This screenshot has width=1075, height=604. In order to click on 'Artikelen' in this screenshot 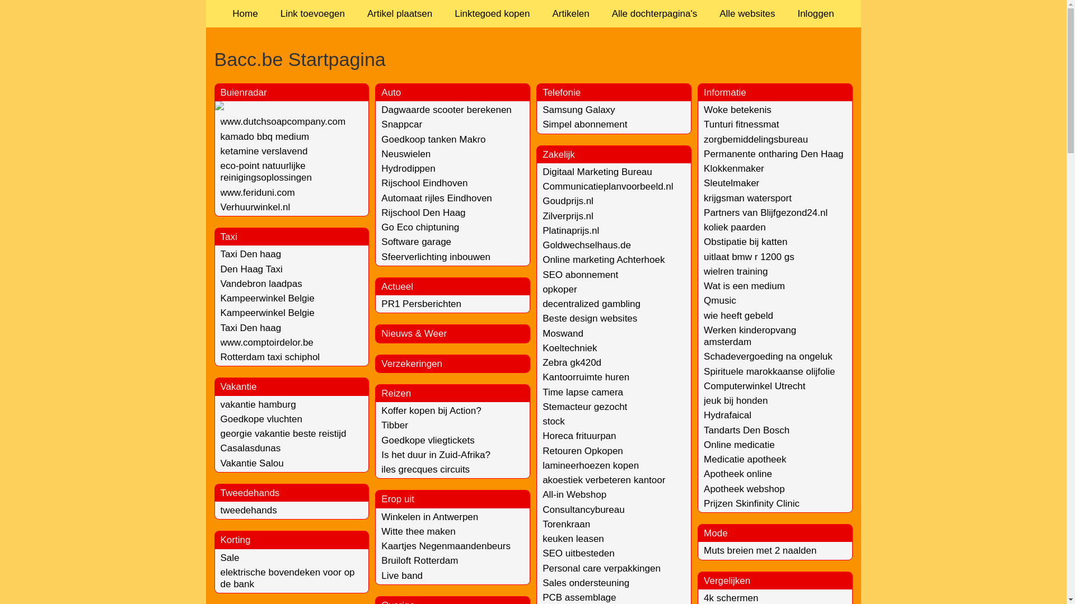, I will do `click(540, 13)`.